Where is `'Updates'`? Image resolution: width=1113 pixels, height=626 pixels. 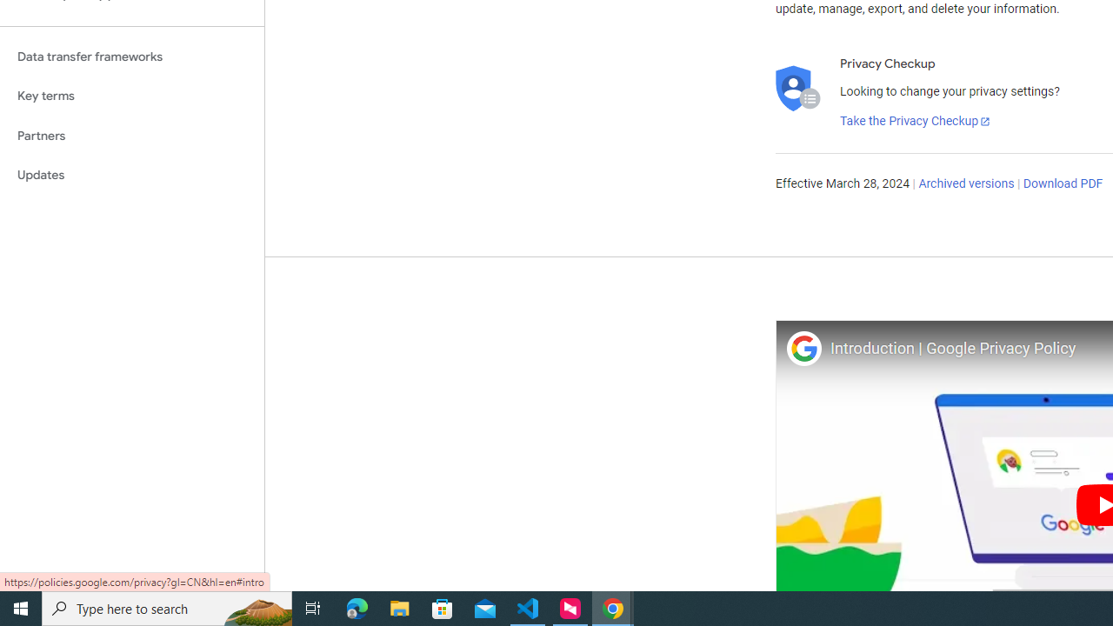
'Updates' is located at coordinates (131, 175).